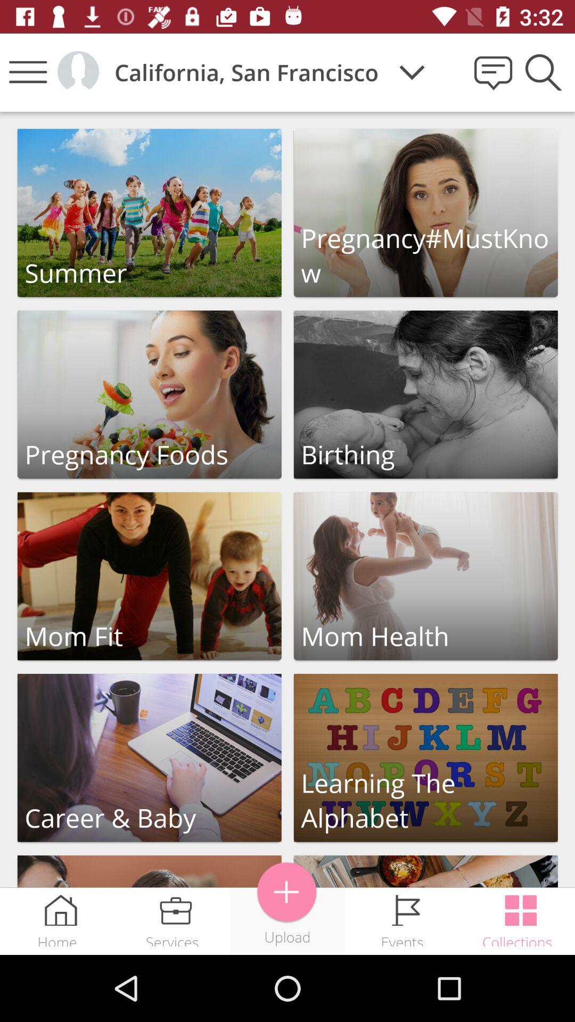 Image resolution: width=575 pixels, height=1022 pixels. I want to click on show more, so click(286, 892).